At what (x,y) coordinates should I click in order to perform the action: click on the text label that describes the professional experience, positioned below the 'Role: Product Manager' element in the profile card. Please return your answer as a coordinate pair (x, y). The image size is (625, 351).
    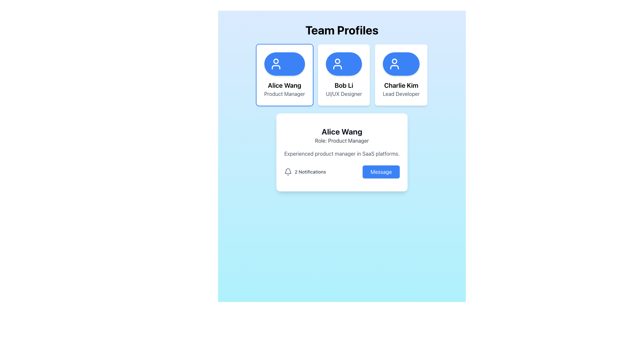
    Looking at the image, I should click on (341, 154).